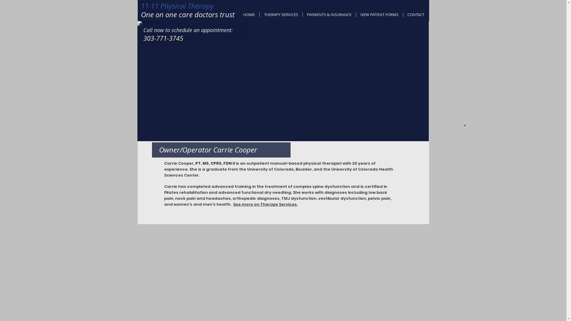 This screenshot has width=571, height=321. Describe the element at coordinates (379, 14) in the screenshot. I see `'NEW PATIENT FORMS'` at that location.